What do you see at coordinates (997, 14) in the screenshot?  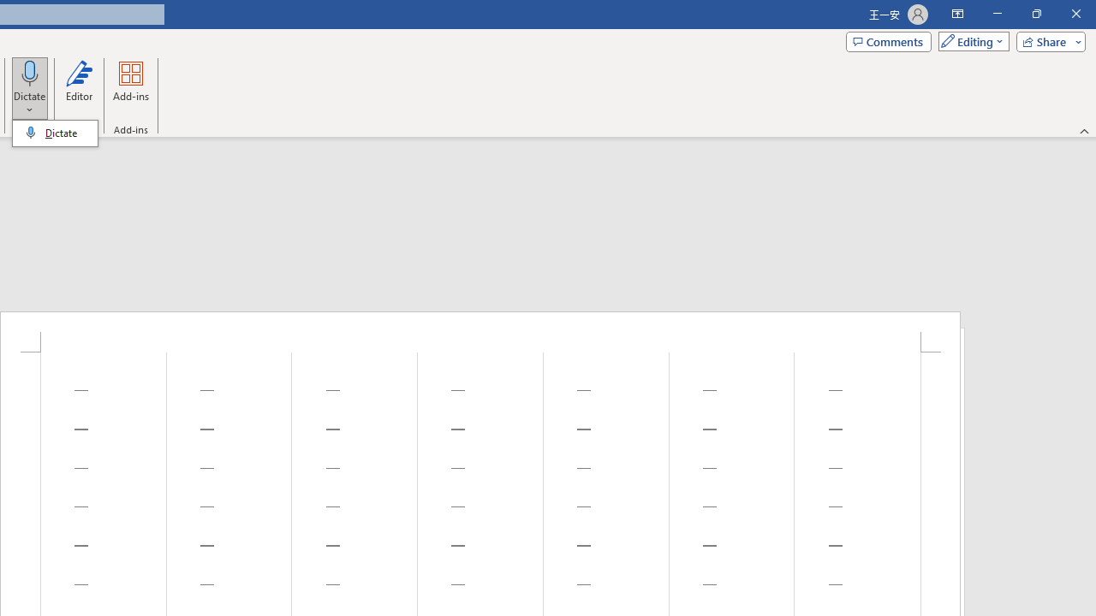 I see `'Minimize'` at bounding box center [997, 14].